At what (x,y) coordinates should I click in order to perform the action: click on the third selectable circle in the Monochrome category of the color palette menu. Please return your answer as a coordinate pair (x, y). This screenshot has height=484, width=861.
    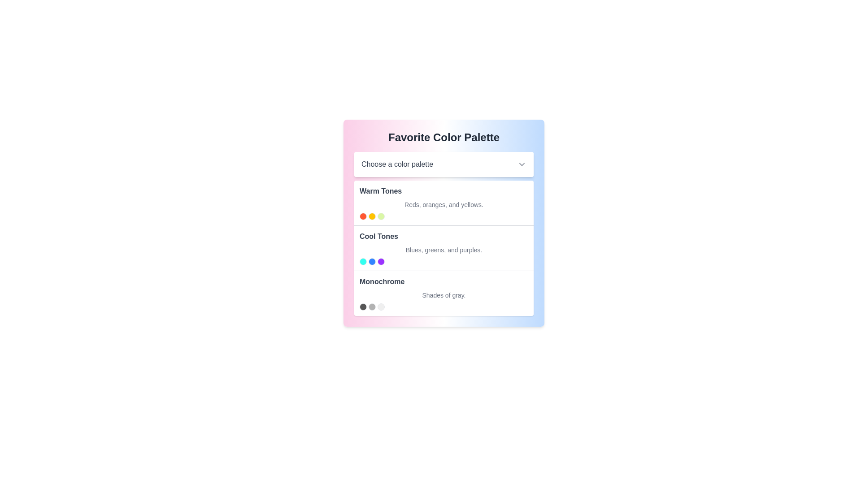
    Looking at the image, I should click on (381, 307).